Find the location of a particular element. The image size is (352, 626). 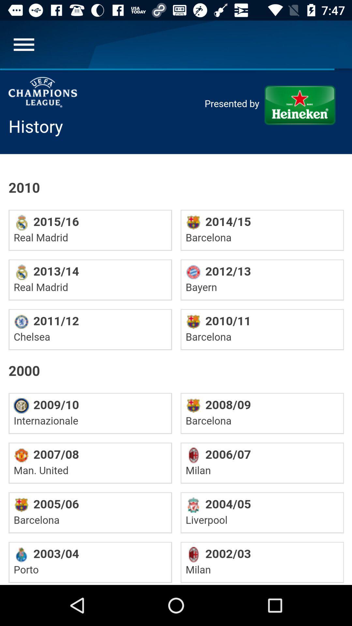

menu is located at coordinates (23, 44).